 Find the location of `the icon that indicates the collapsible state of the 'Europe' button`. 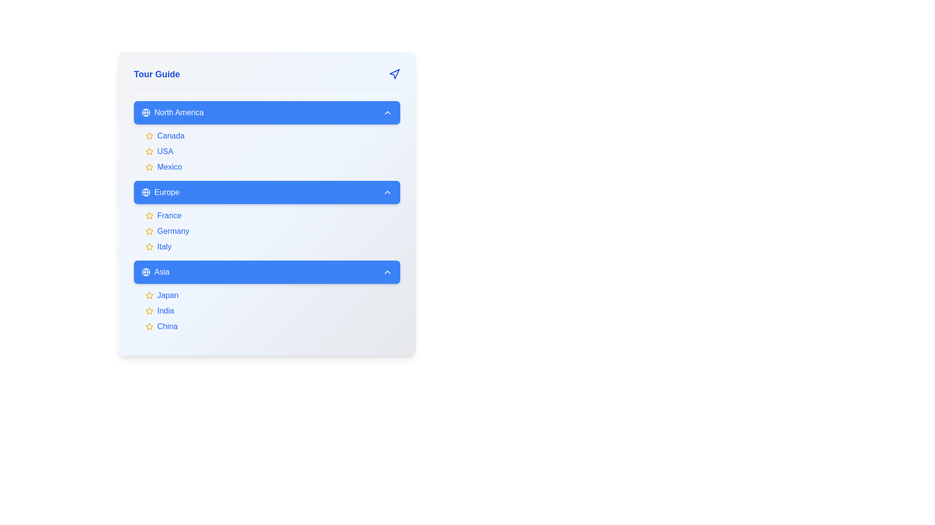

the icon that indicates the collapsible state of the 'Europe' button is located at coordinates (387, 192).